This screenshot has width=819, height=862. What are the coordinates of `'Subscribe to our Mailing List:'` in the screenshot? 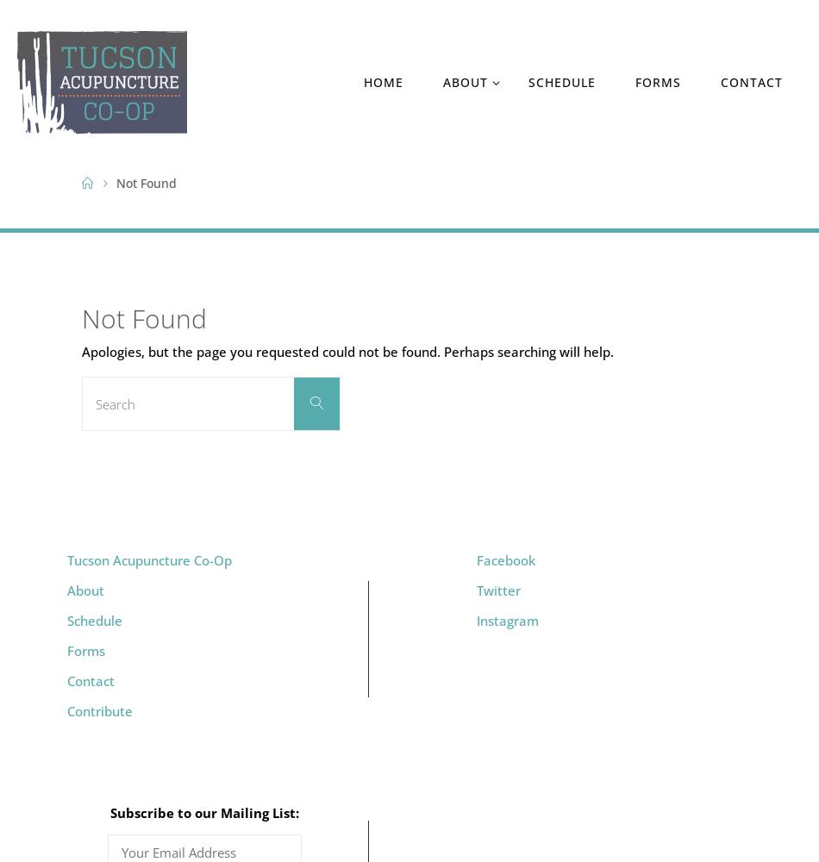 It's located at (204, 812).